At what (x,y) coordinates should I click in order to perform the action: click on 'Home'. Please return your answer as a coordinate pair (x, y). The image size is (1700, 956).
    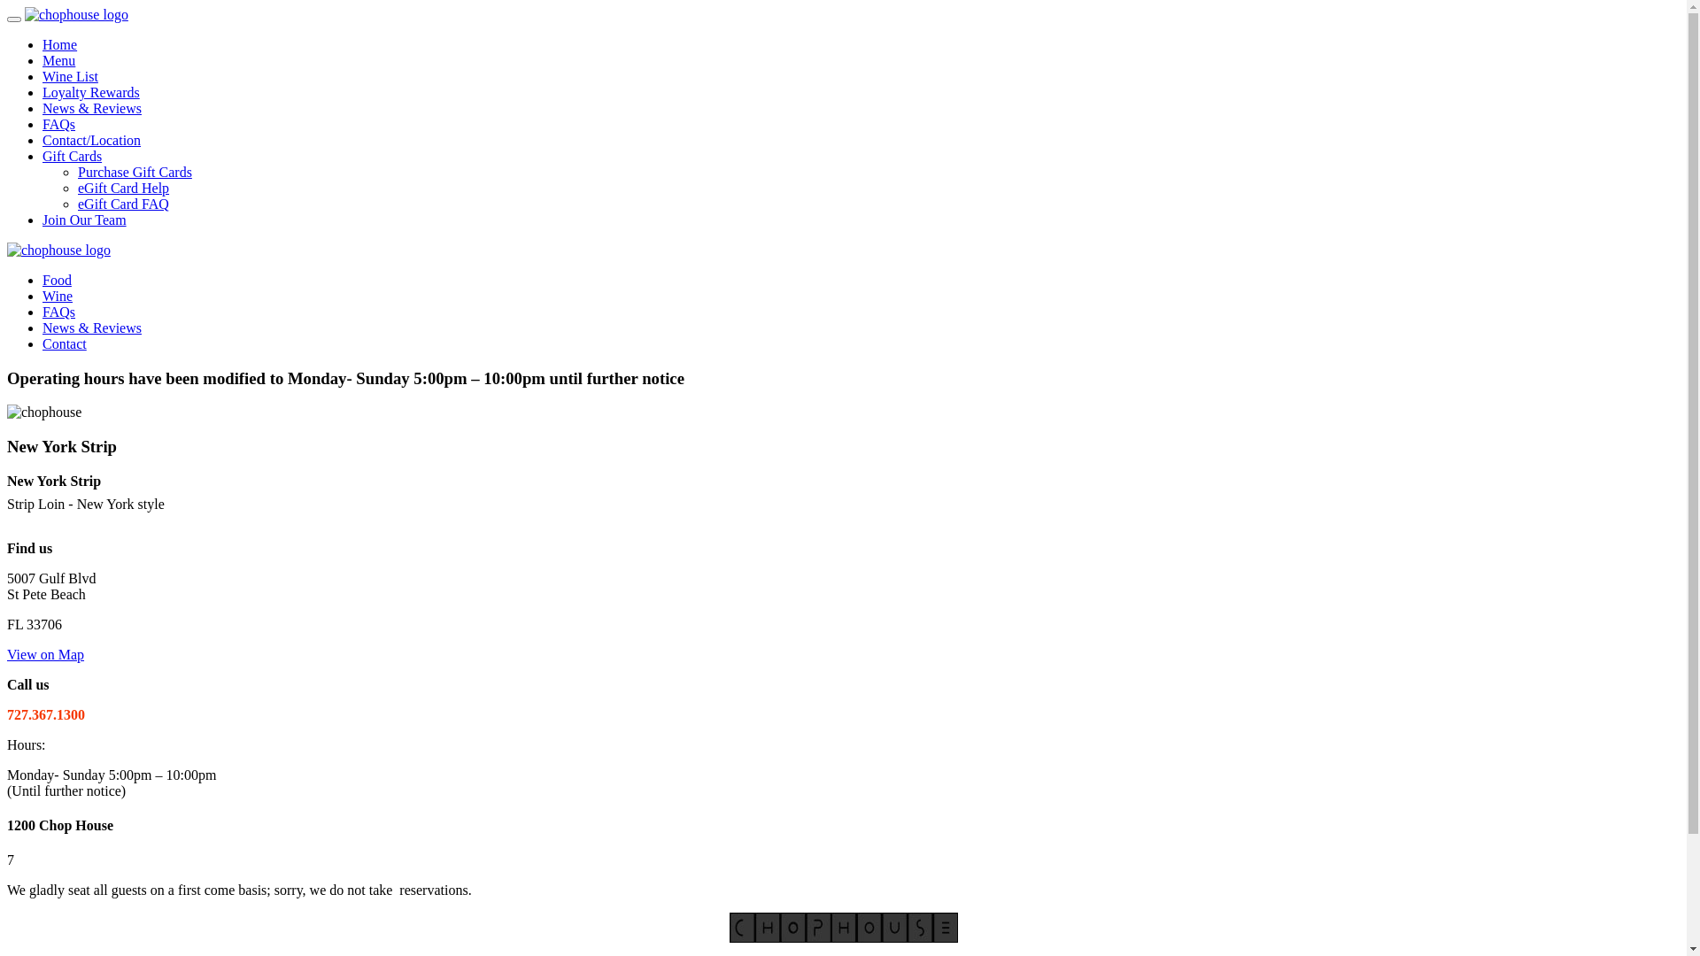
    Looking at the image, I should click on (59, 43).